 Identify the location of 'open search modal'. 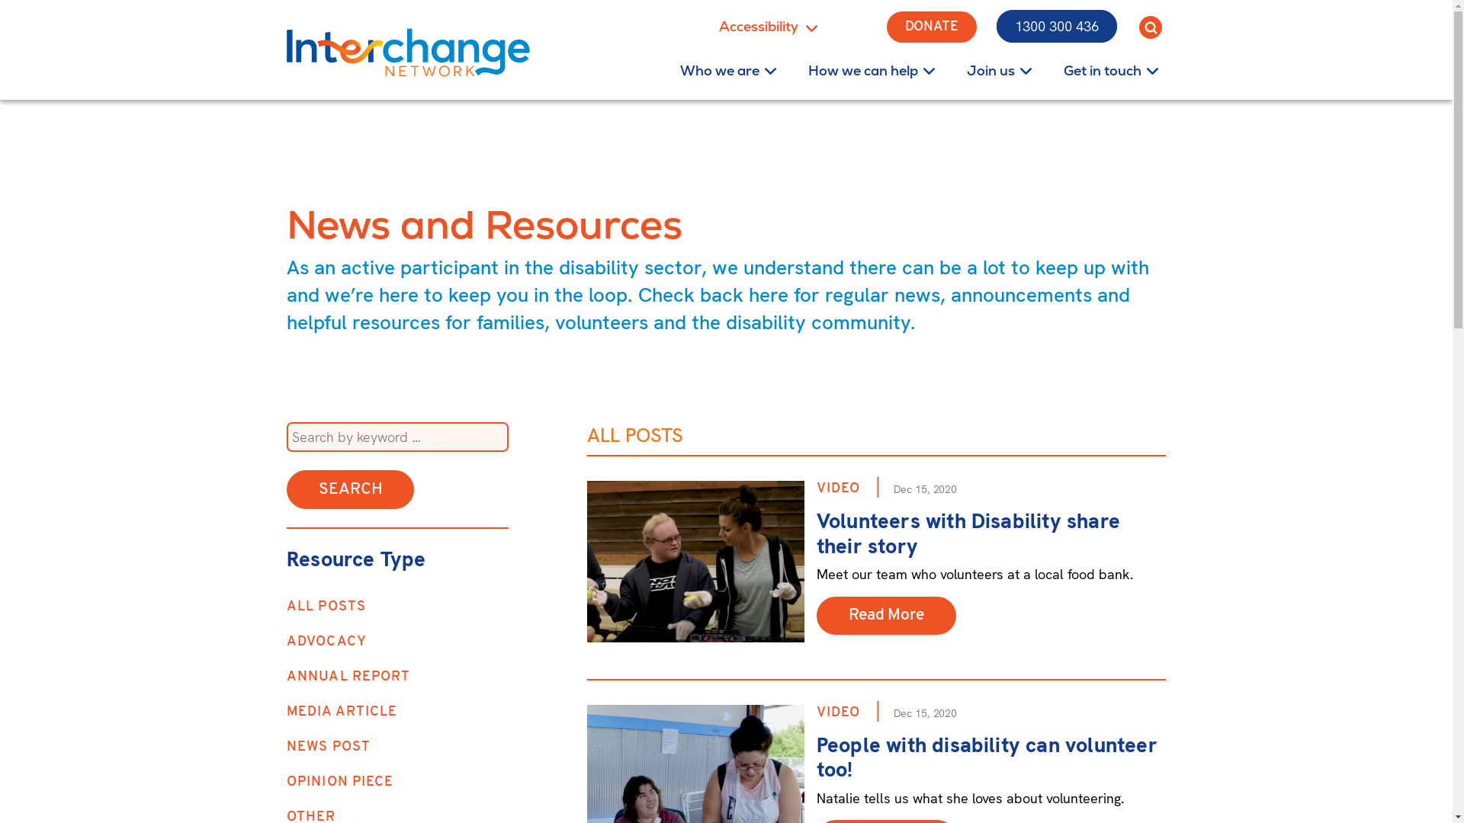
(1150, 26).